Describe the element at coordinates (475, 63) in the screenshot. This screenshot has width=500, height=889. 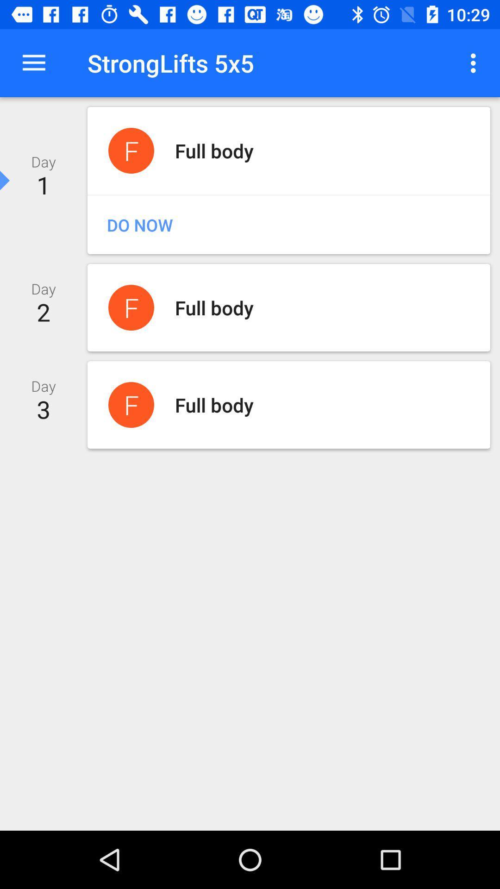
I see `the icon next to the stronglifts 5x5` at that location.